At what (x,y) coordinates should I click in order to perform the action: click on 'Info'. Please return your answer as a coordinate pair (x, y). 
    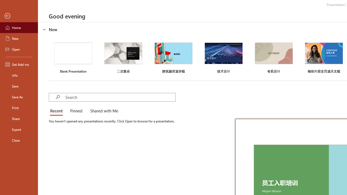
    Looking at the image, I should click on (19, 75).